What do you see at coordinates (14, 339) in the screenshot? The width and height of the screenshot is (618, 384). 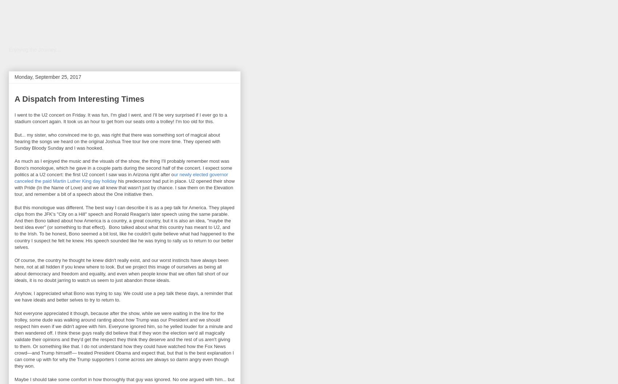 I see `'Not everyone appreciated it though, because after the show, while we were waiting in the line for the trolley, some dude was walking around ranting about how Trump was our President and we should respect him even if we didn't agree with him. Everyone ignored him, so he yelled louder for a minute and then wandered off. I think these guys really did believe that if they won the election we'd all magically validate their opinions and they'd get the respect they think they deserve and the rest of us aren't giving to them. Or something like that. I do not understand how they could have watched how the Fox News crowd—and Trump himself!— treated President Obama and expect that, but that is the best explanation I can come up with for why the Trump supporters I come across are always so damn angry even though they won.'` at bounding box center [14, 339].